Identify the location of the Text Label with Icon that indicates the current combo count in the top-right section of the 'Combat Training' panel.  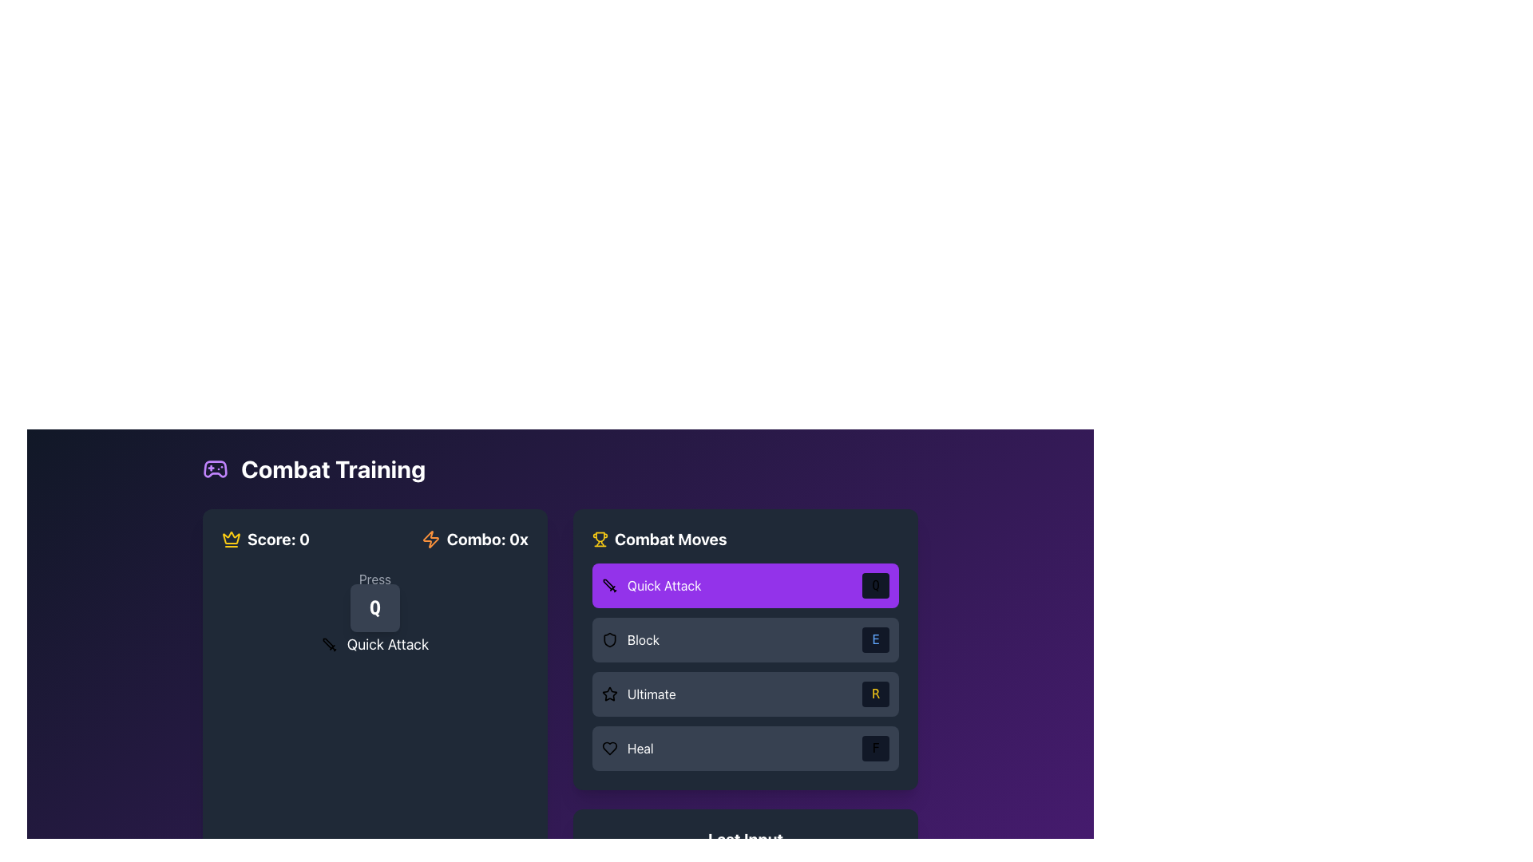
(473, 539).